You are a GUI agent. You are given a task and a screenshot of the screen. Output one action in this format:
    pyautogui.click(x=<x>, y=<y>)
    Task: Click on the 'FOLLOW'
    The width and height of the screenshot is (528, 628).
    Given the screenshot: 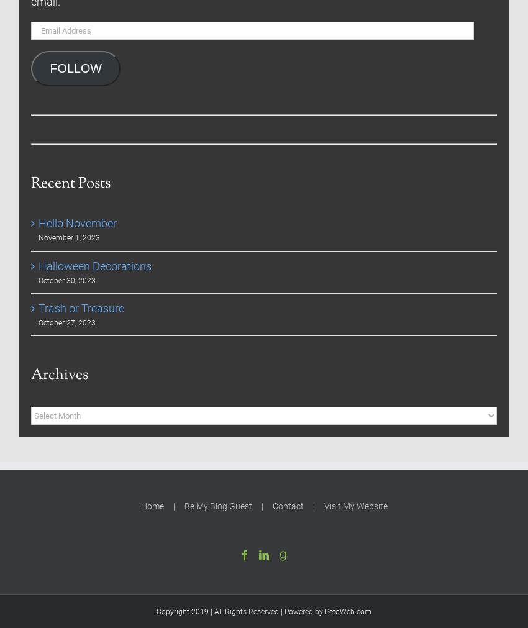 What is the action you would take?
    pyautogui.click(x=49, y=67)
    